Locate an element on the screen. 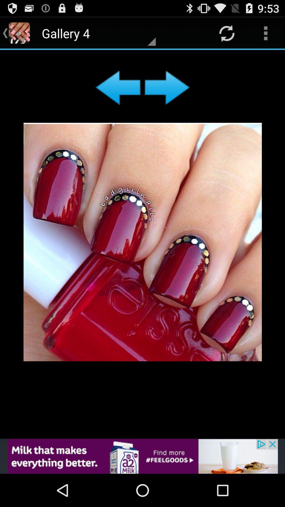 The image size is (285, 507). image gallery is located at coordinates (142, 244).